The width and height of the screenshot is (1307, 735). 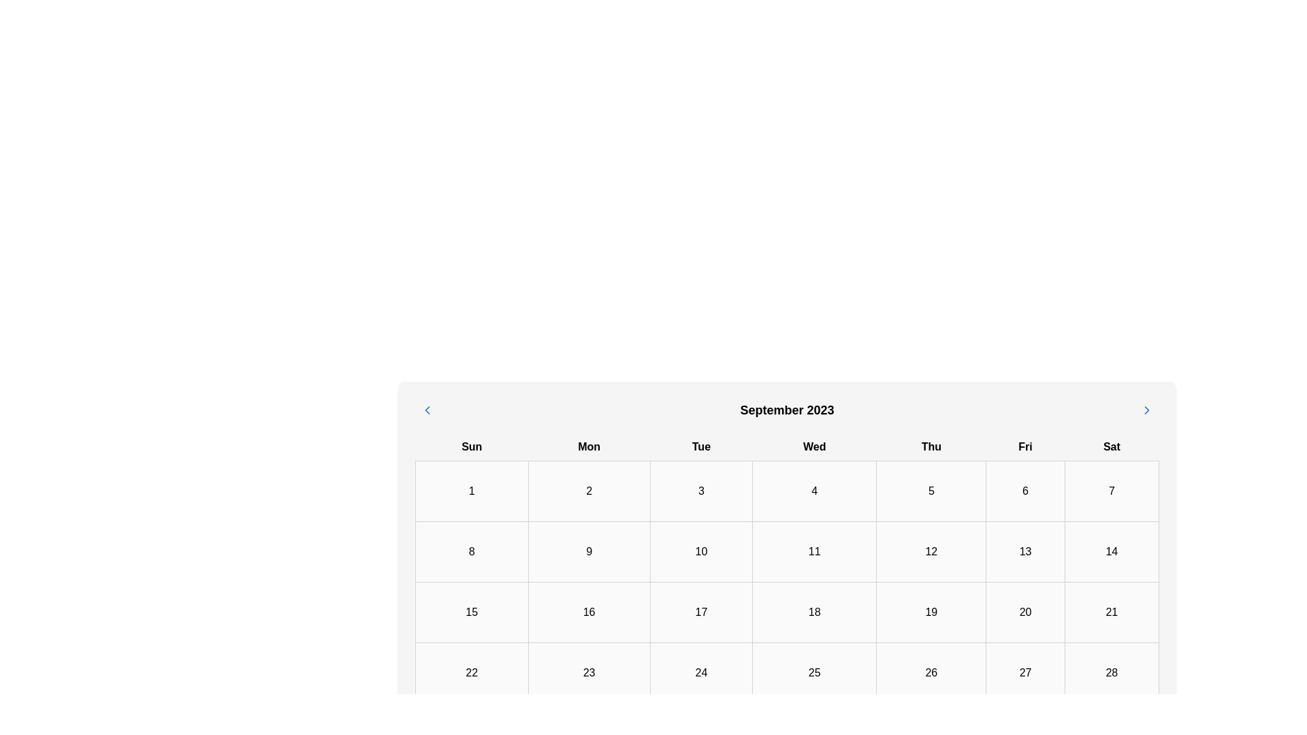 I want to click on the date cell in the second row of the calendar grid layout, so click(x=787, y=551).